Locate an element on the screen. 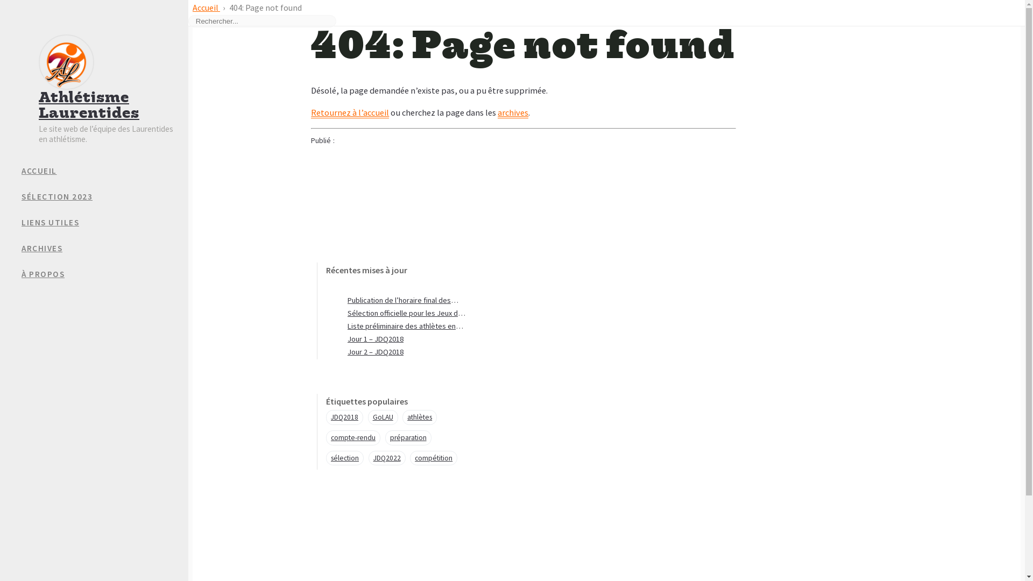 The height and width of the screenshot is (581, 1033). 'LIENS UTILES' is located at coordinates (105, 222).